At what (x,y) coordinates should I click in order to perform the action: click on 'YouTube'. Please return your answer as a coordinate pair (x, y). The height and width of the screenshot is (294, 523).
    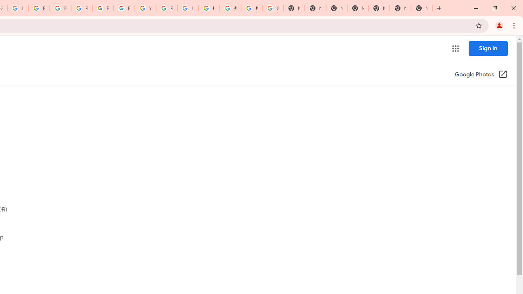
    Looking at the image, I should click on (145, 8).